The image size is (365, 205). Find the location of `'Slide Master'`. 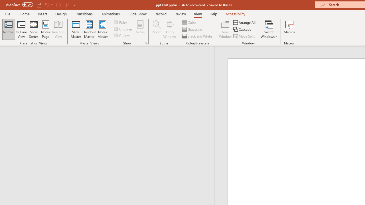

'Slide Master' is located at coordinates (75, 29).